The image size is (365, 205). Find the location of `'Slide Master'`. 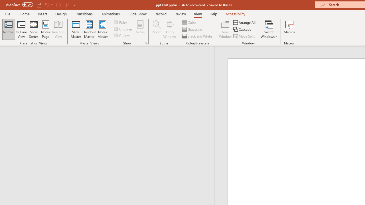

'Slide Master' is located at coordinates (75, 29).